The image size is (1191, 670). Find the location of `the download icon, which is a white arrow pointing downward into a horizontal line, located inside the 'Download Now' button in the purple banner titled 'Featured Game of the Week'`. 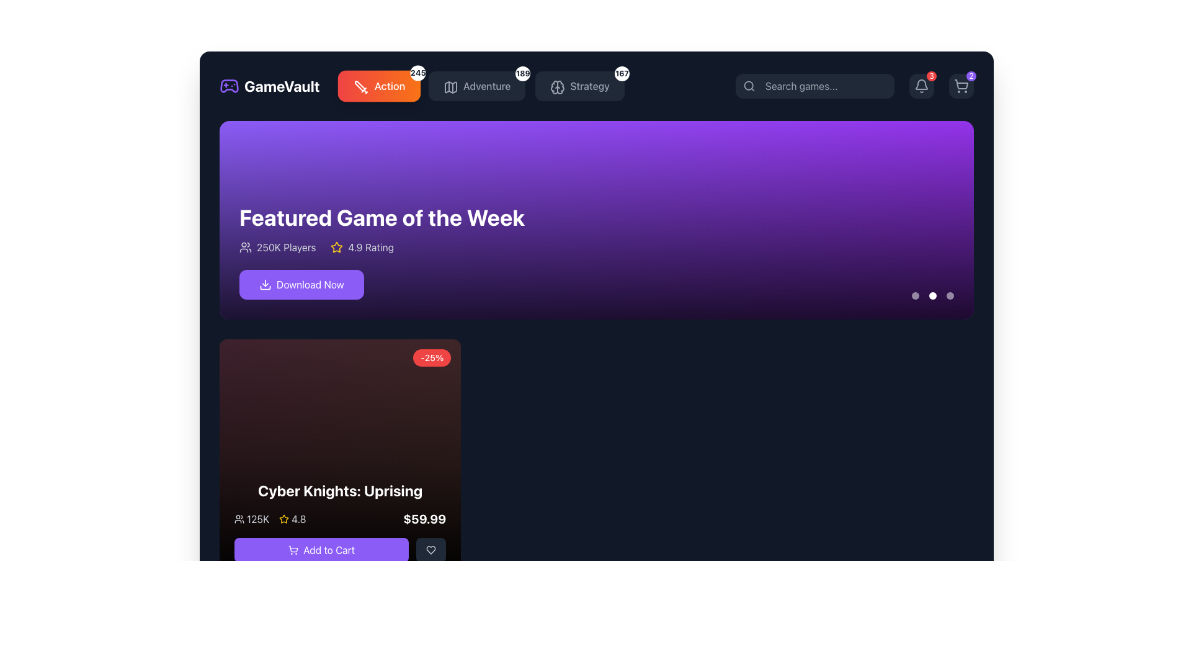

the download icon, which is a white arrow pointing downward into a horizontal line, located inside the 'Download Now' button in the purple banner titled 'Featured Game of the Week' is located at coordinates (264, 285).